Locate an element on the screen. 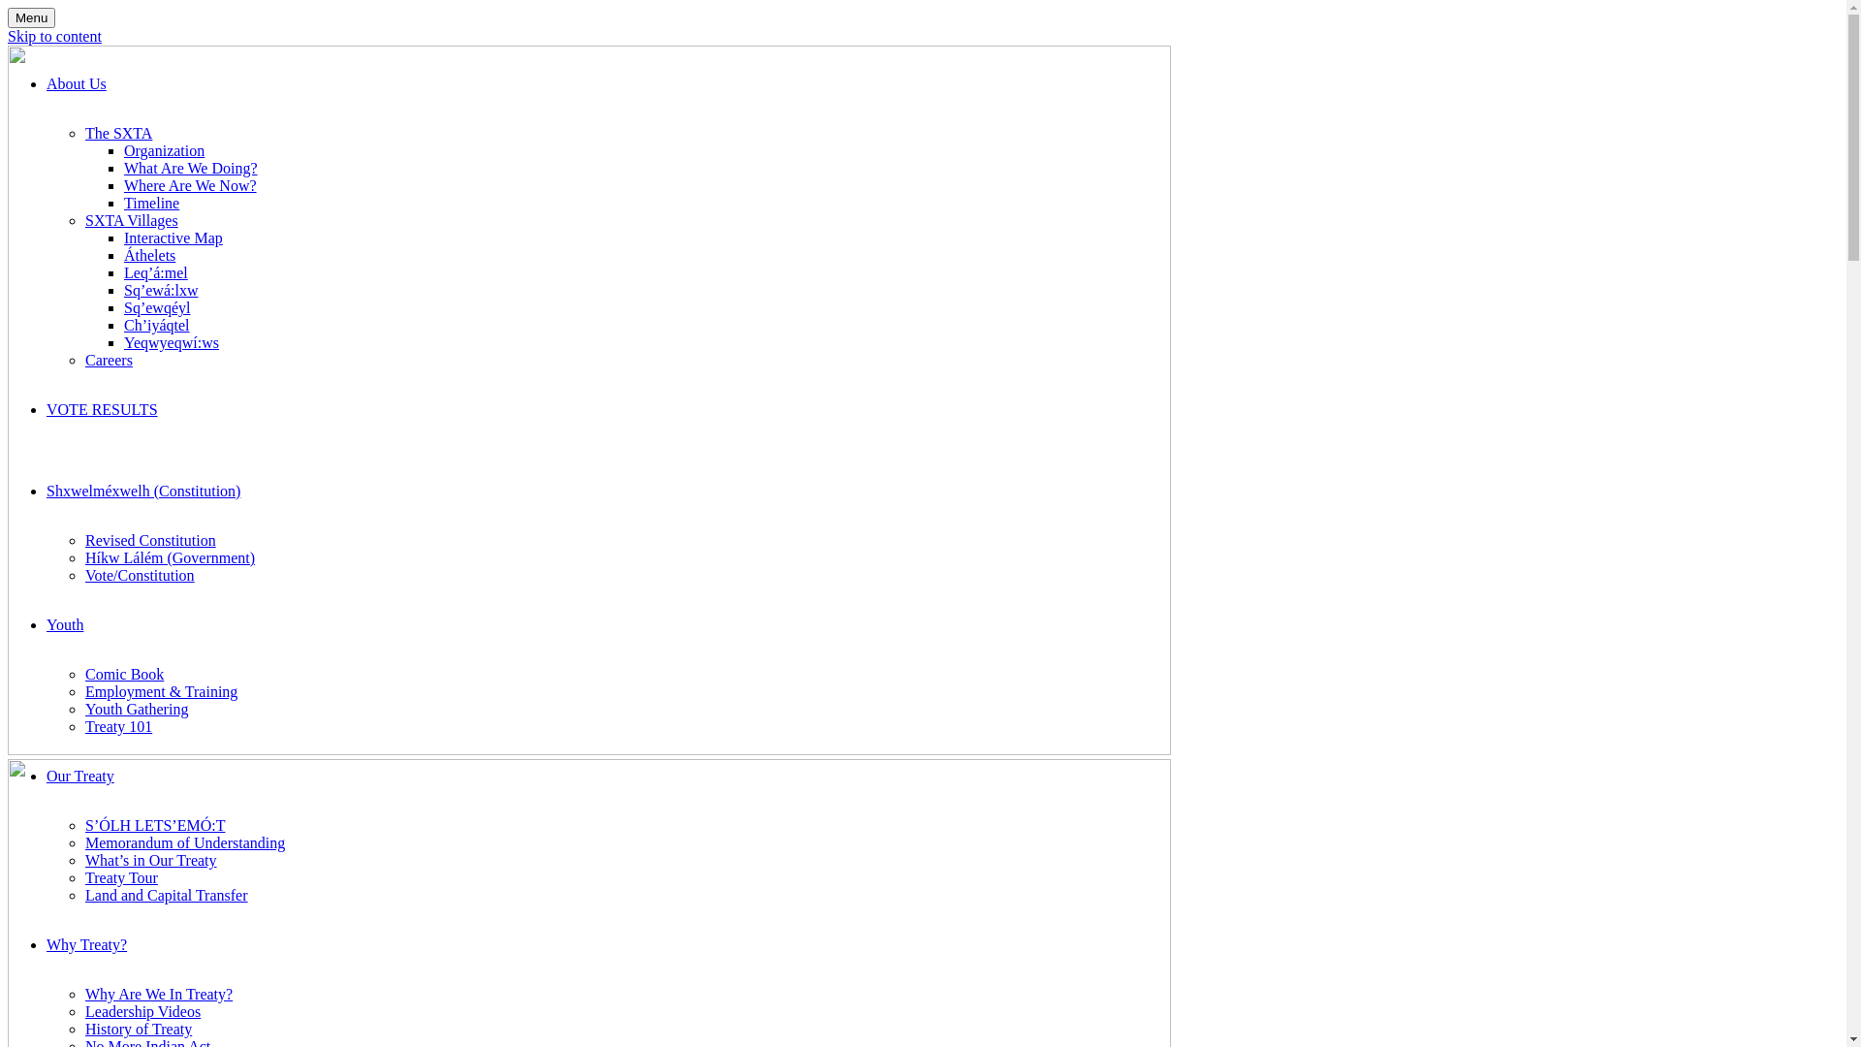  'Comic Book' is located at coordinates (123, 673).